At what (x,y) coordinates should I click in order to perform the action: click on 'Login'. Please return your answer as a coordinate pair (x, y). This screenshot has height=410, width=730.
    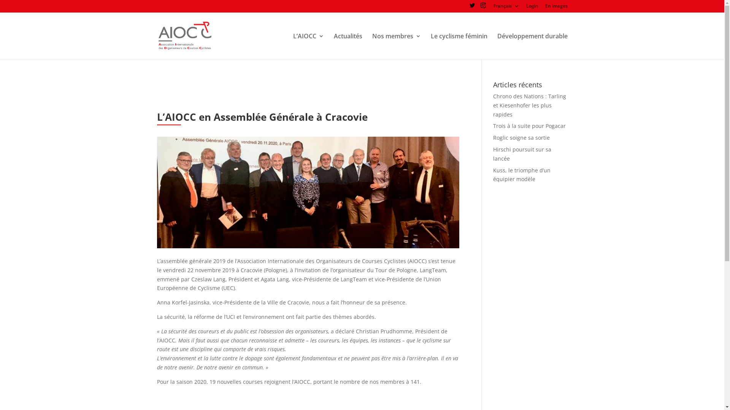
    Looking at the image, I should click on (532, 8).